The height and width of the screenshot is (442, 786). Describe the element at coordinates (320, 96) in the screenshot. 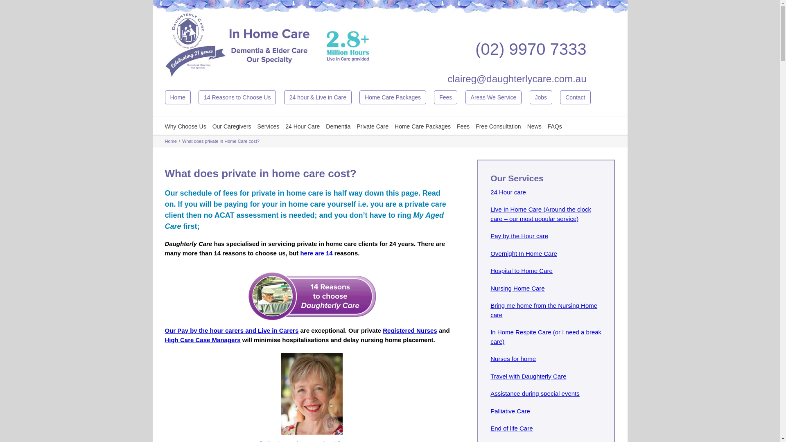

I see `'24 hour & Live in Care'` at that location.